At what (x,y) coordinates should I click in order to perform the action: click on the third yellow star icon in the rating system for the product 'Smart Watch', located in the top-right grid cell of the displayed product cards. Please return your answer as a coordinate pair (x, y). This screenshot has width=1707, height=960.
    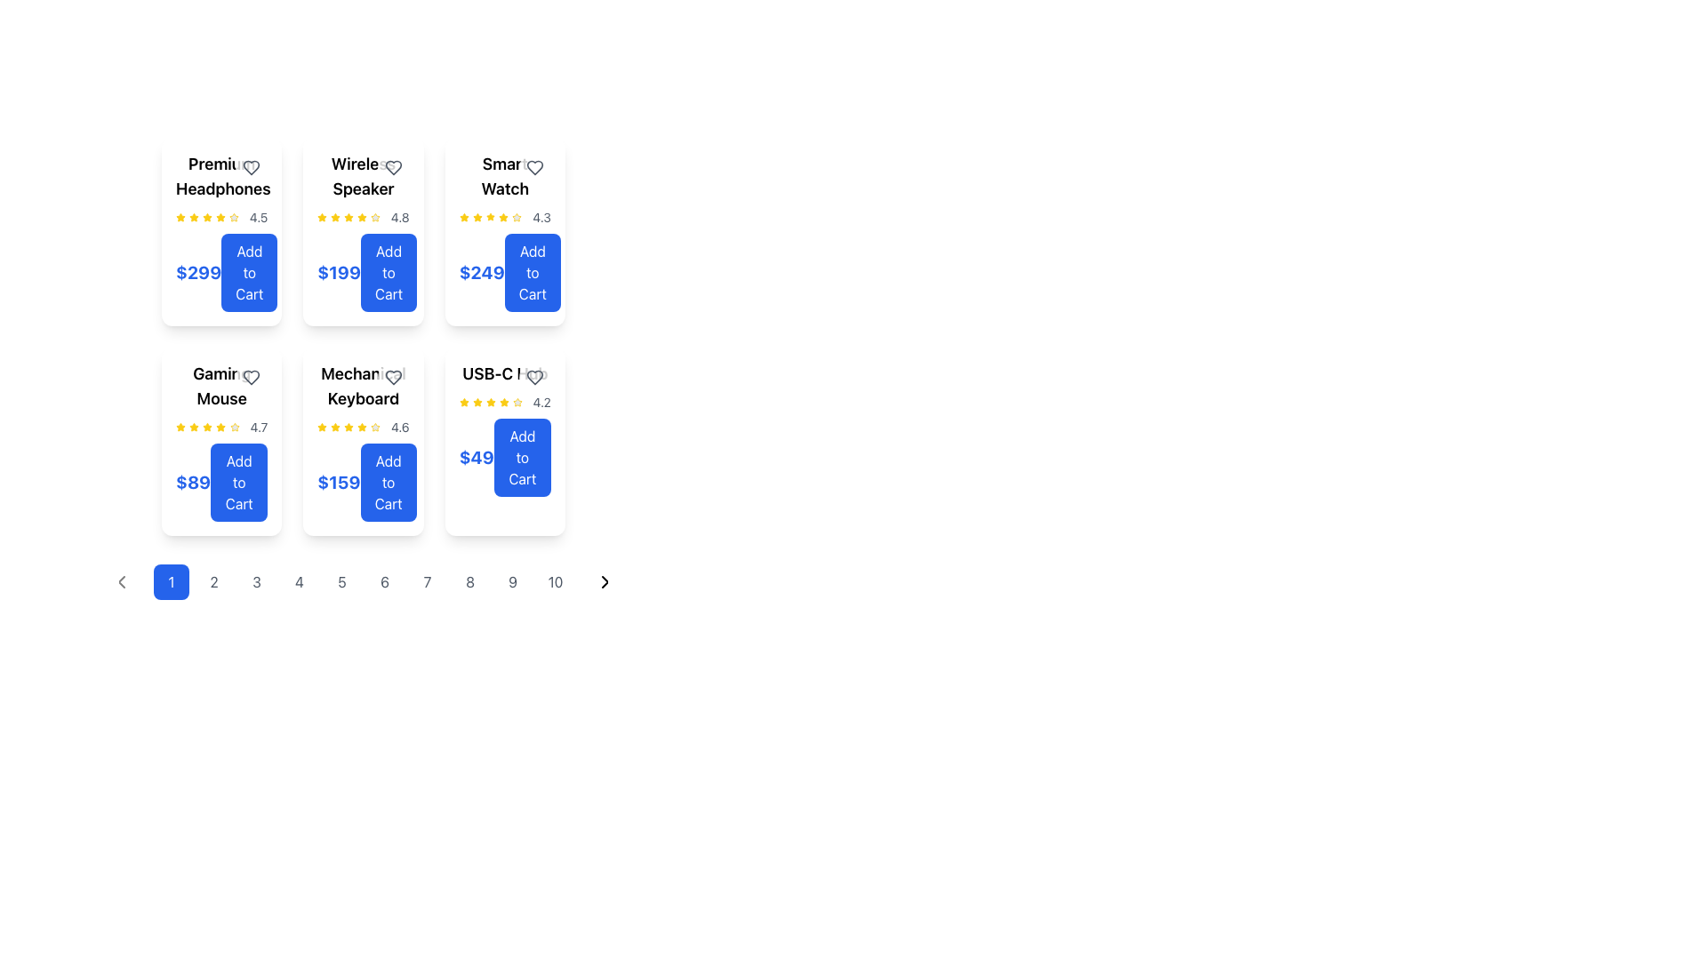
    Looking at the image, I should click on (464, 216).